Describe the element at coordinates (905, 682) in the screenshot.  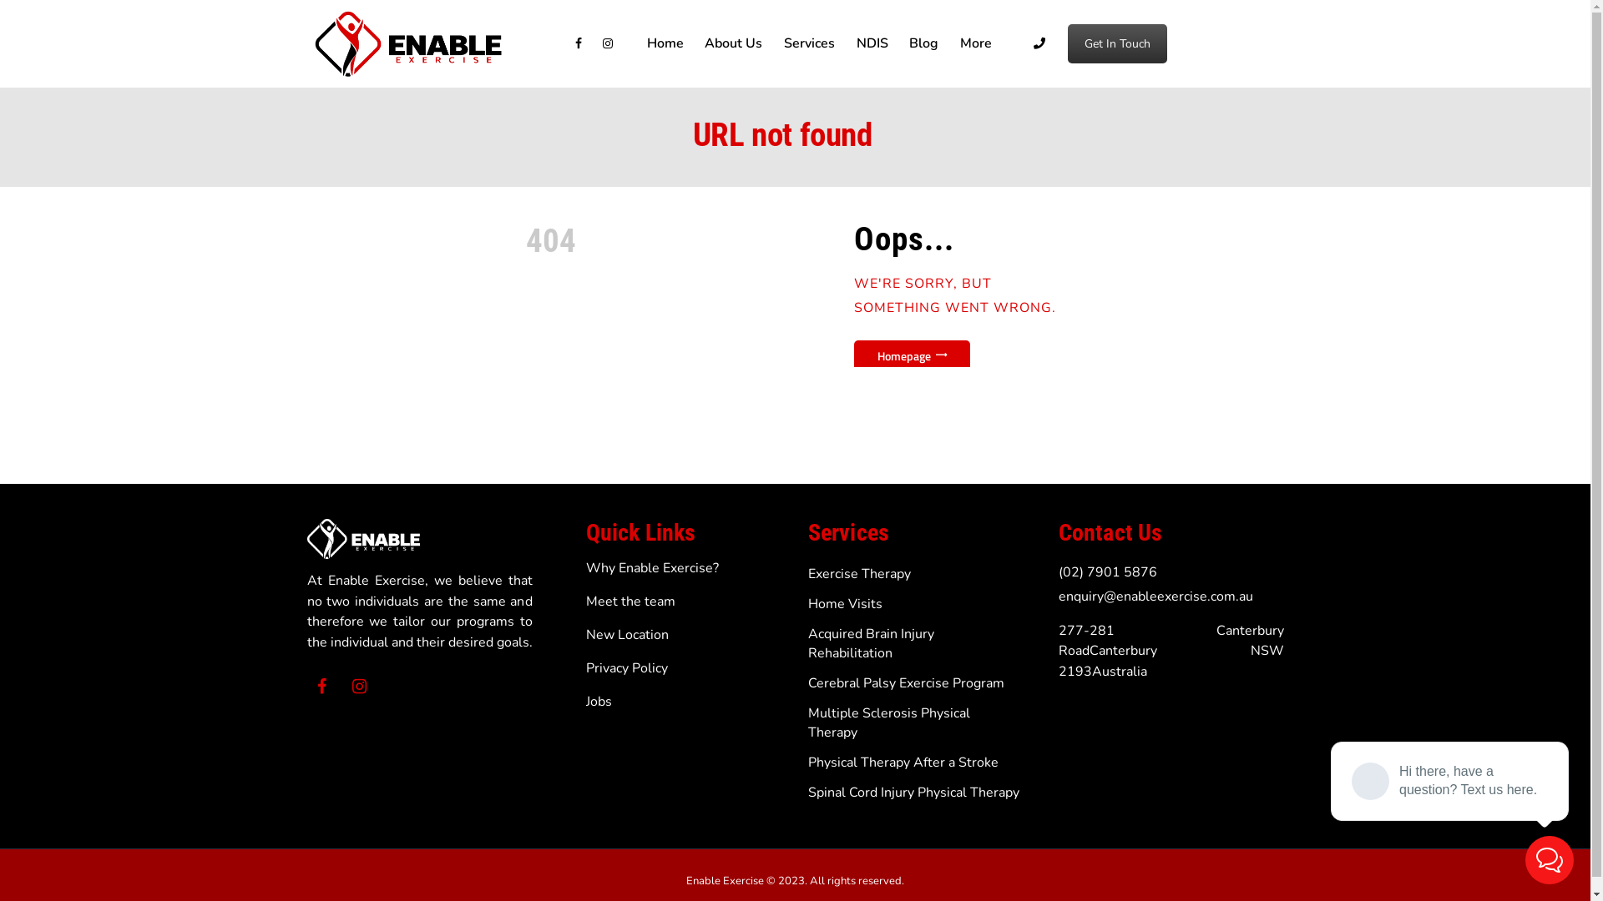
I see `'Cerebral Palsy Exercise Program'` at that location.